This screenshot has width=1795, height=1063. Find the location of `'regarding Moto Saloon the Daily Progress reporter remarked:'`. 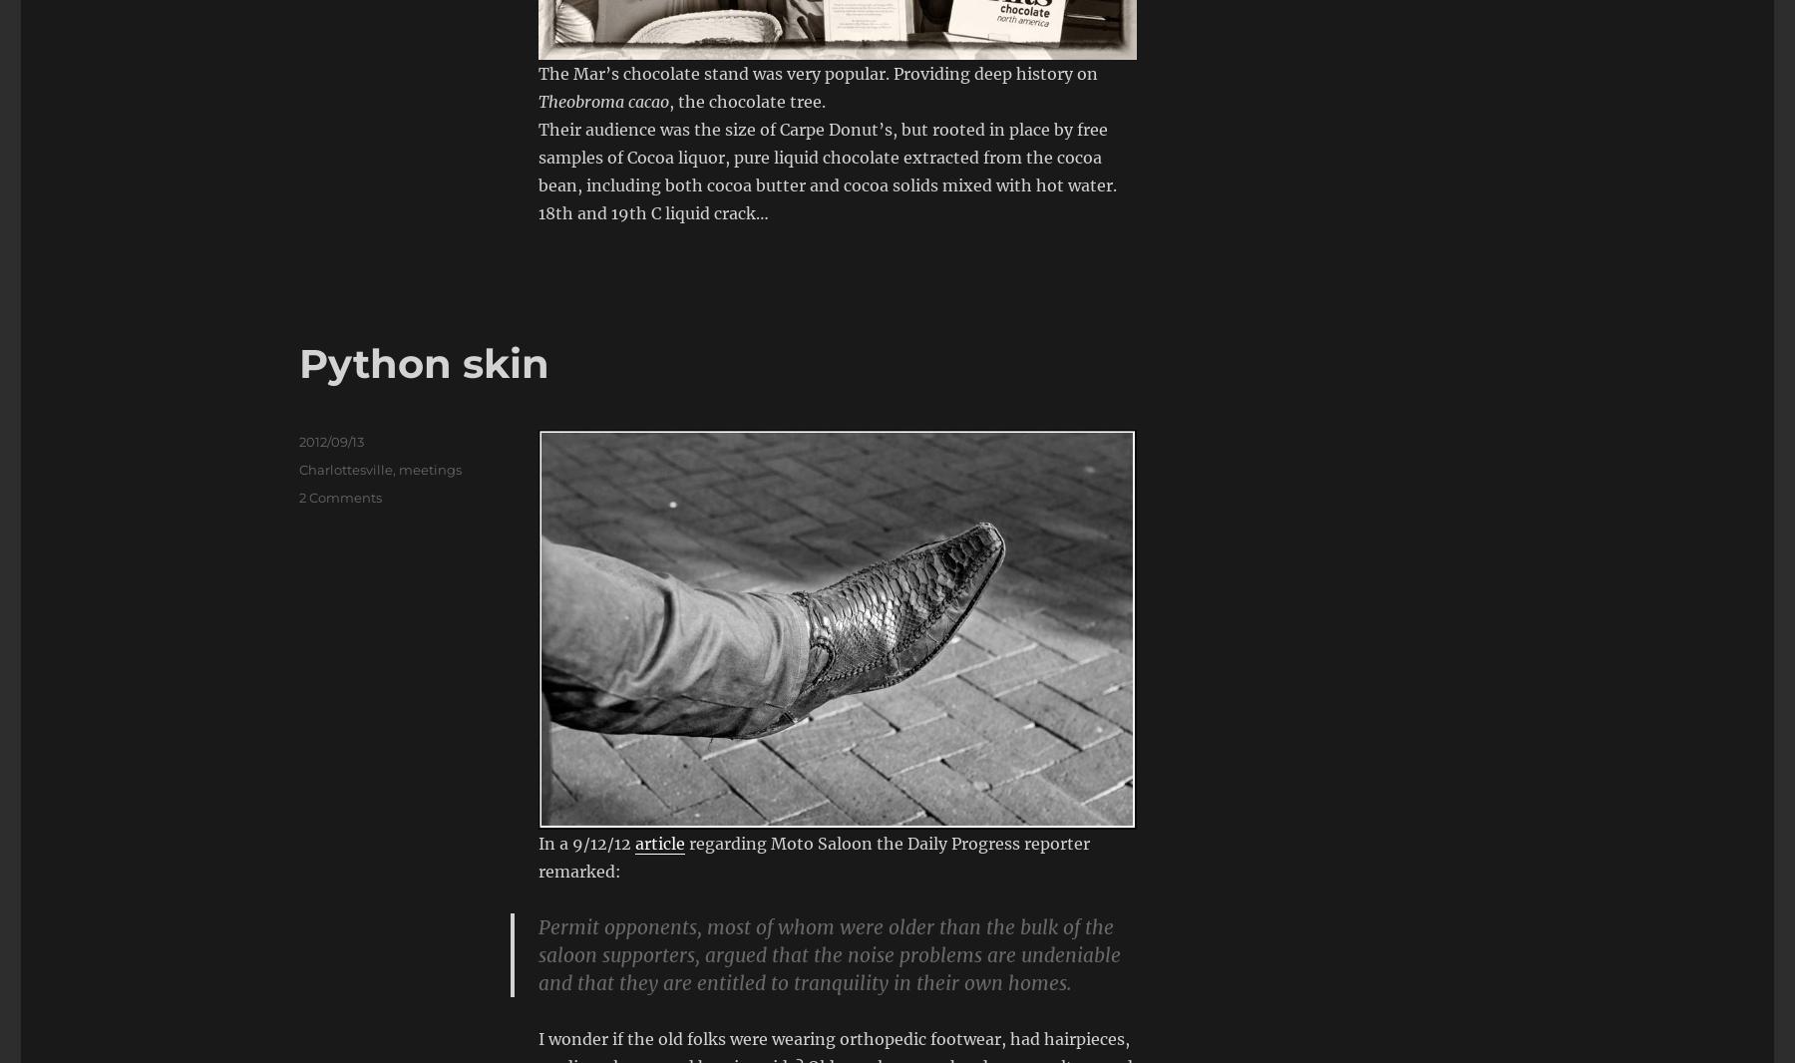

'regarding Moto Saloon the Daily Progress reporter remarked:' is located at coordinates (538, 858).